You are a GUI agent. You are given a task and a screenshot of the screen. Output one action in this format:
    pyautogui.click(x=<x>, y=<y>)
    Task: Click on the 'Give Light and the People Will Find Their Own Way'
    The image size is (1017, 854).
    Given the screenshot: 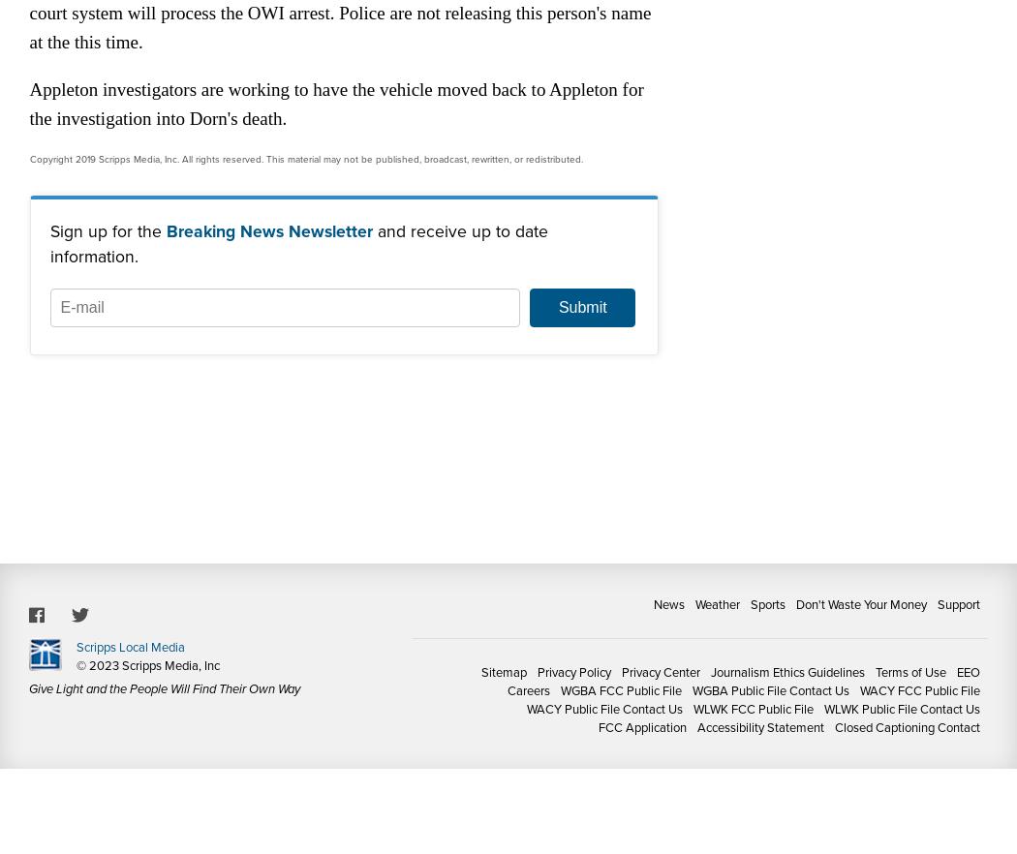 What is the action you would take?
    pyautogui.click(x=164, y=688)
    